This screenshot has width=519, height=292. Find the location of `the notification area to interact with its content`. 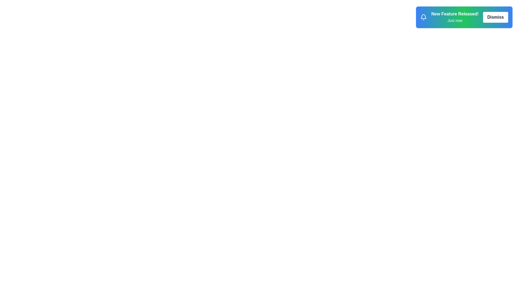

the notification area to interact with its content is located at coordinates (464, 17).